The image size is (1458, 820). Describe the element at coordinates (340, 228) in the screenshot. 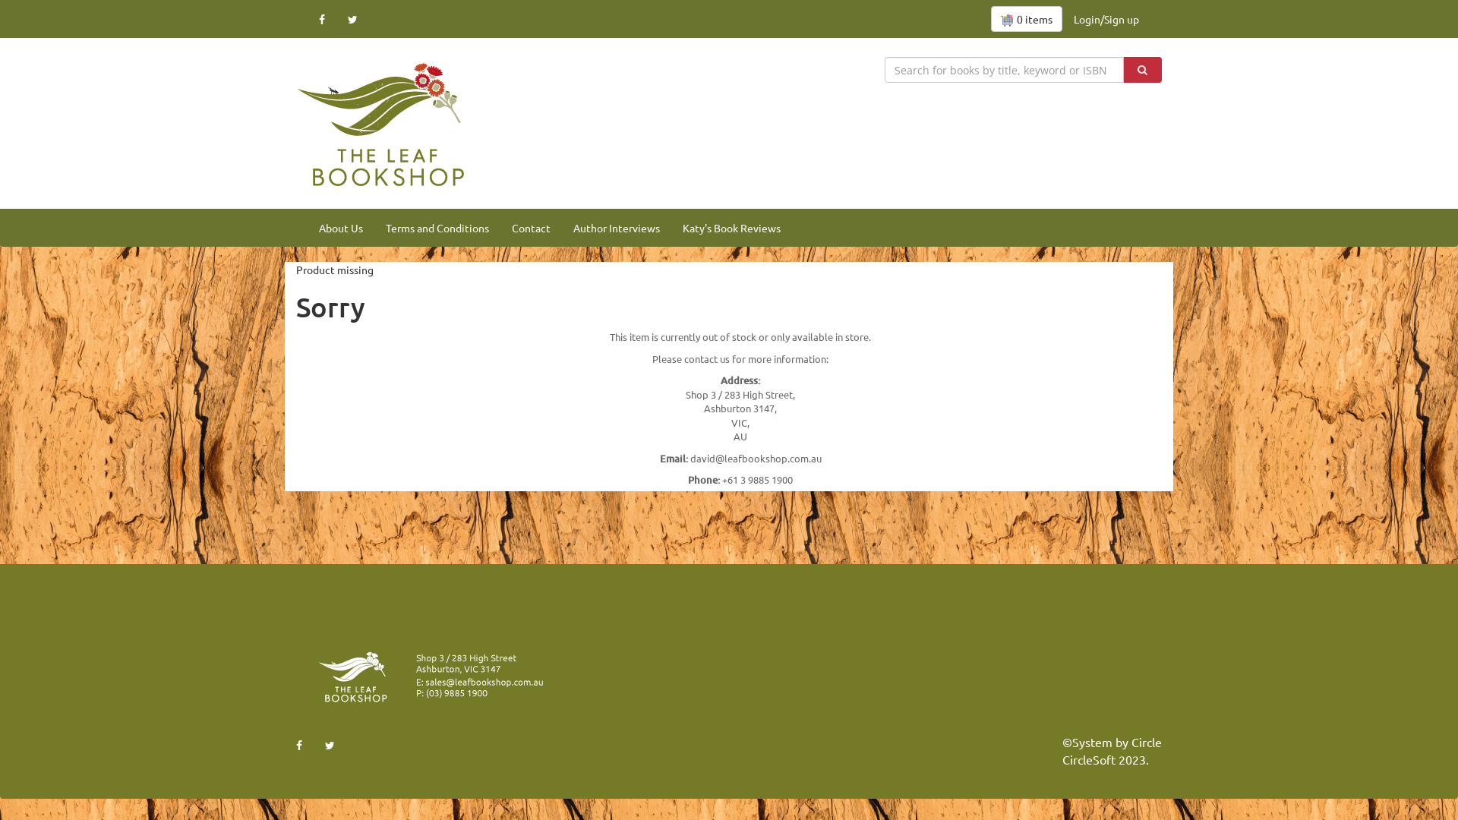

I see `'About Us'` at that location.